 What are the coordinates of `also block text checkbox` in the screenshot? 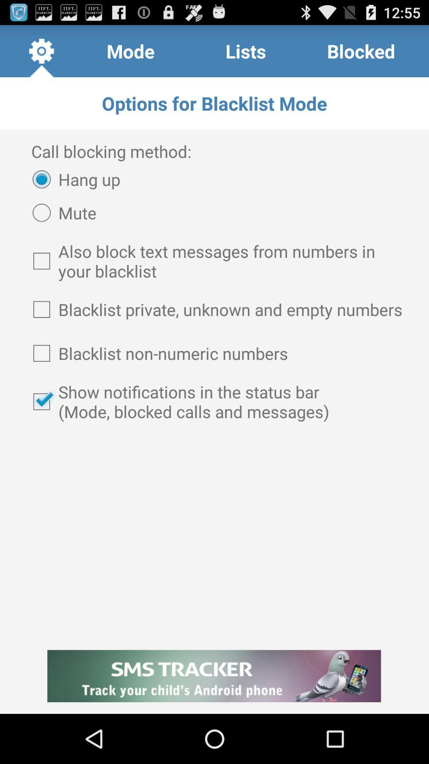 It's located at (214, 261).